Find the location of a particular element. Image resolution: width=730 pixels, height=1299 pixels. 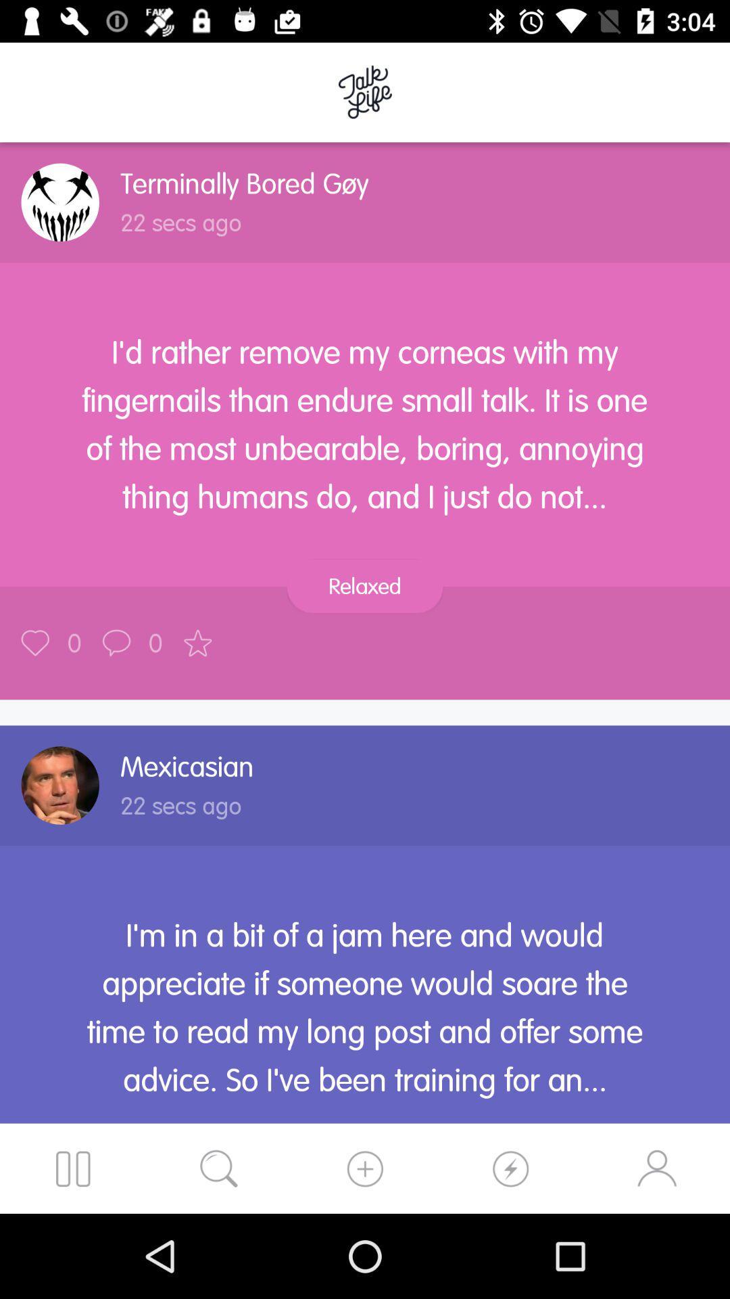

the post is located at coordinates (197, 642).